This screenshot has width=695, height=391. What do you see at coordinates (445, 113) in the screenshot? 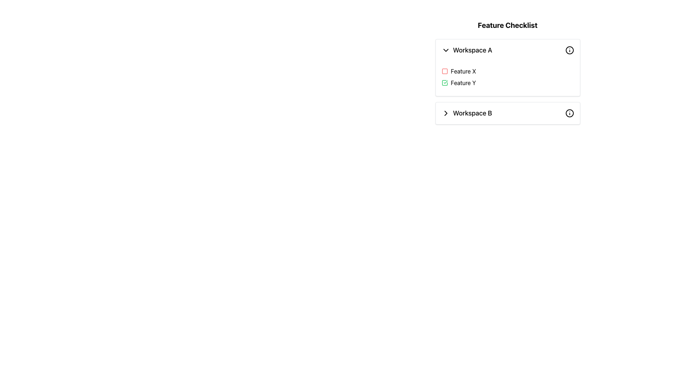
I see `the rightward-pointing chevron icon with a black stroke outline located in the 'Workspace B' row, preceding the text label 'Workspace B'` at bounding box center [445, 113].